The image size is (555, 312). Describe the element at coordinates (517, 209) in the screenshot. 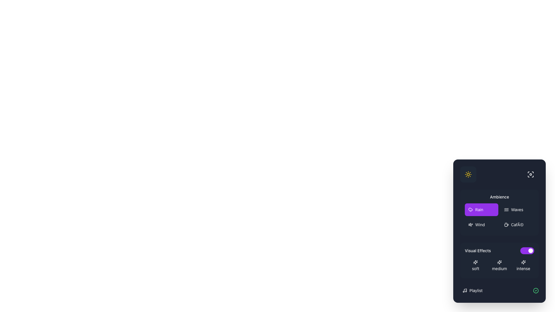

I see `the button that toggles or activates the 'Waves' ambience, located in the top-right corner of the grid within the 'Ambience' section, specifically the second button in the first row` at that location.